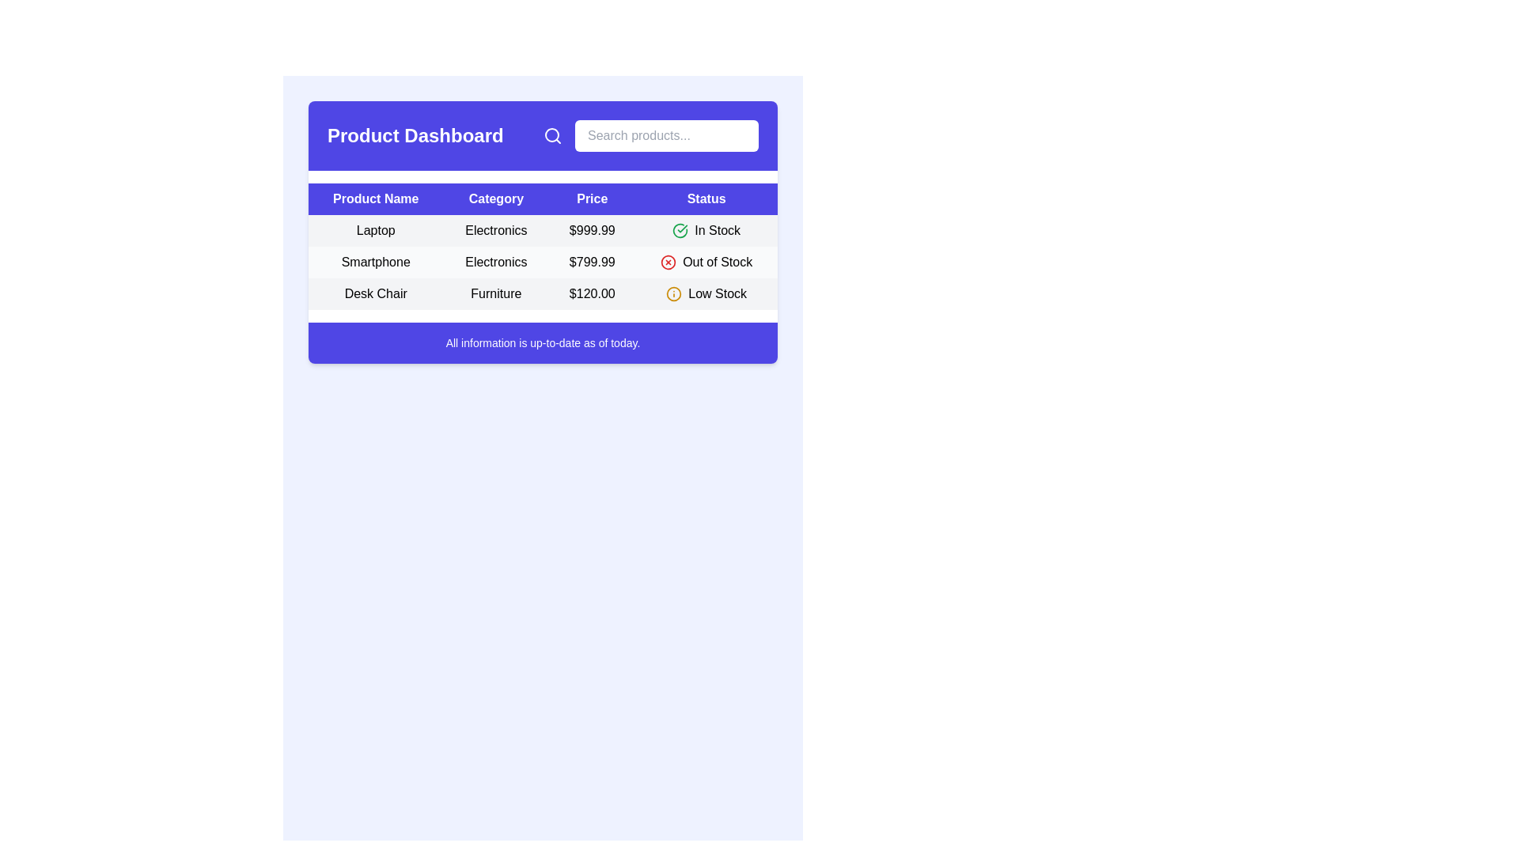  Describe the element at coordinates (717, 293) in the screenshot. I see `text label that reads 'Low Stock', located in the last row of the 'Status' column in the products table` at that location.